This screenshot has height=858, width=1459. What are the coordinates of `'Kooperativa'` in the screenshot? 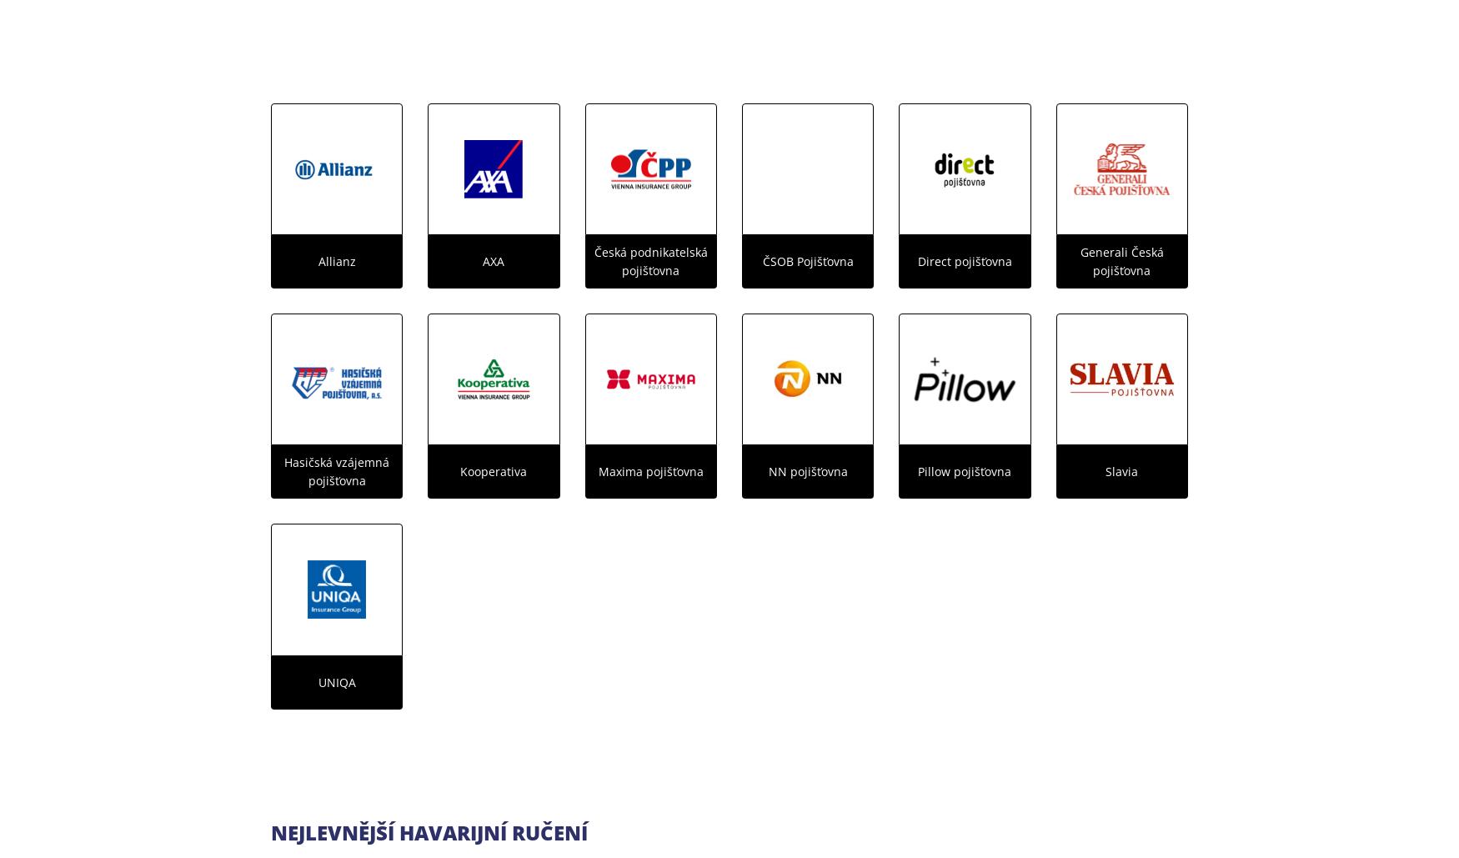 It's located at (494, 470).